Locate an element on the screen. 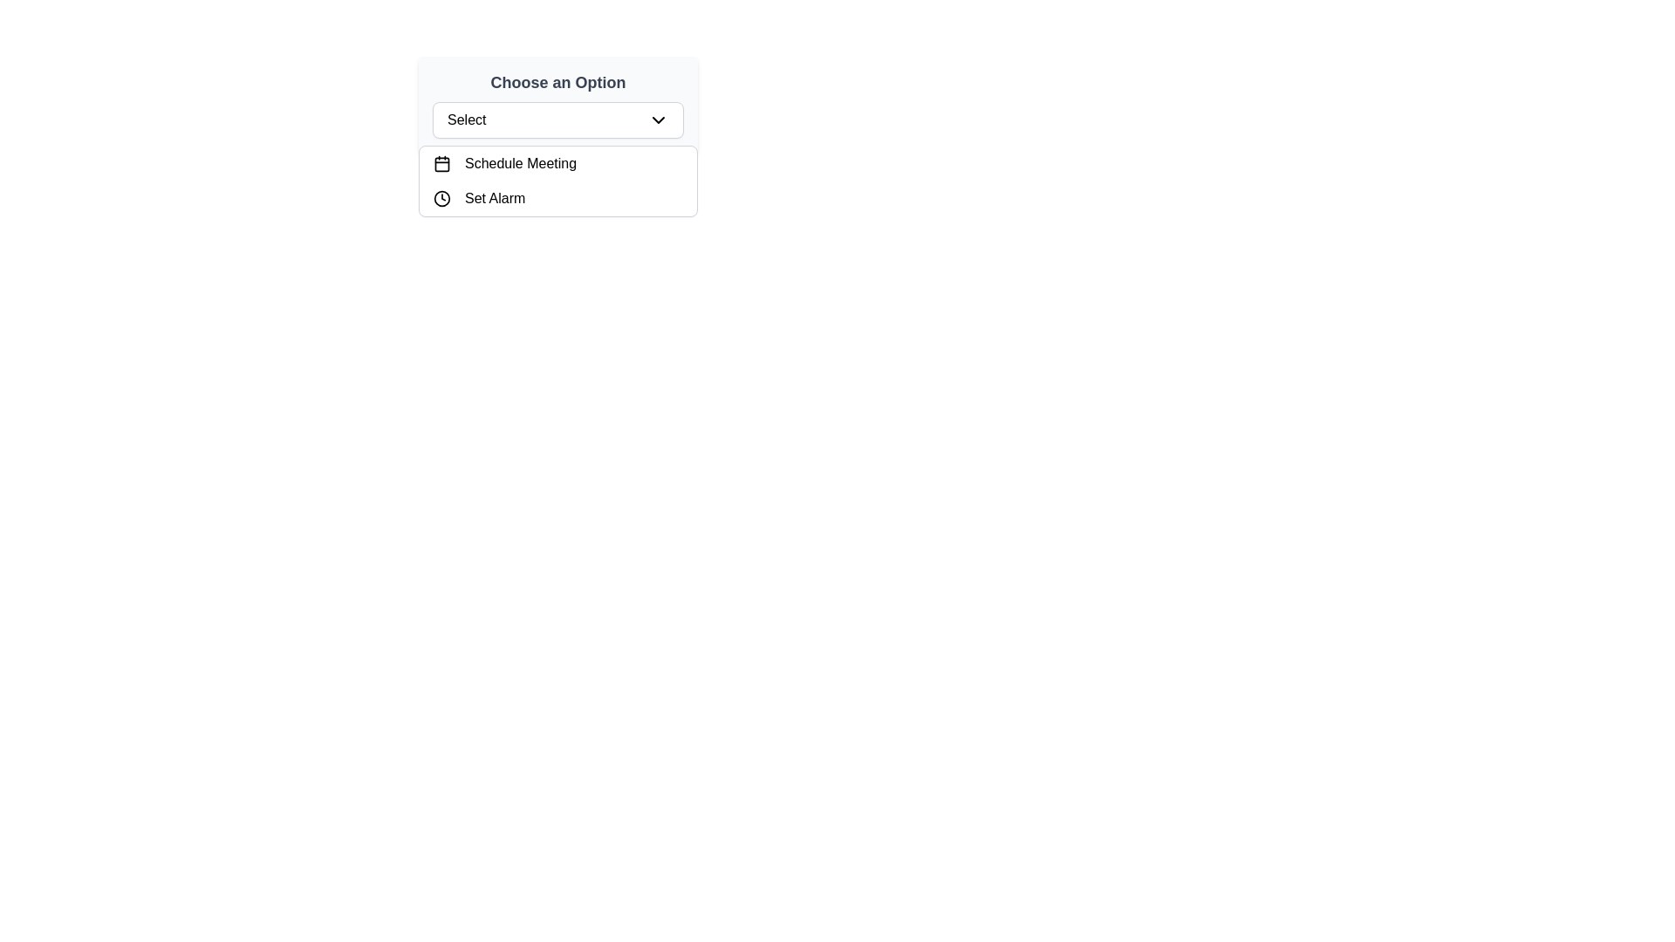  the rectangular vector shape that is part of the calendar icon in the 'Schedule Meeting' menu option is located at coordinates (442, 164).